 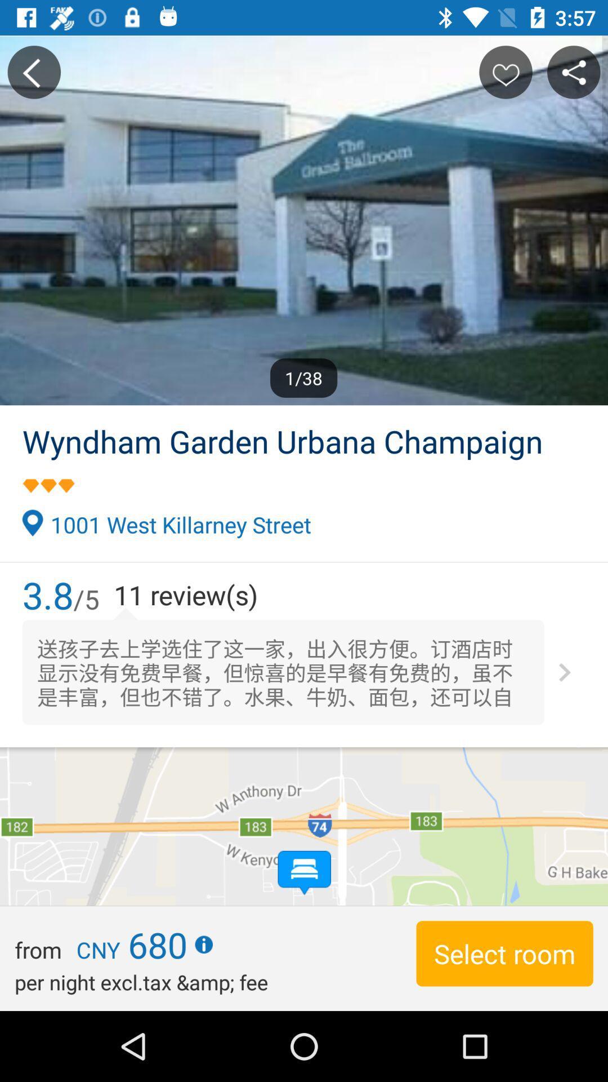 What do you see at coordinates (574, 72) in the screenshot?
I see `the share icon` at bounding box center [574, 72].